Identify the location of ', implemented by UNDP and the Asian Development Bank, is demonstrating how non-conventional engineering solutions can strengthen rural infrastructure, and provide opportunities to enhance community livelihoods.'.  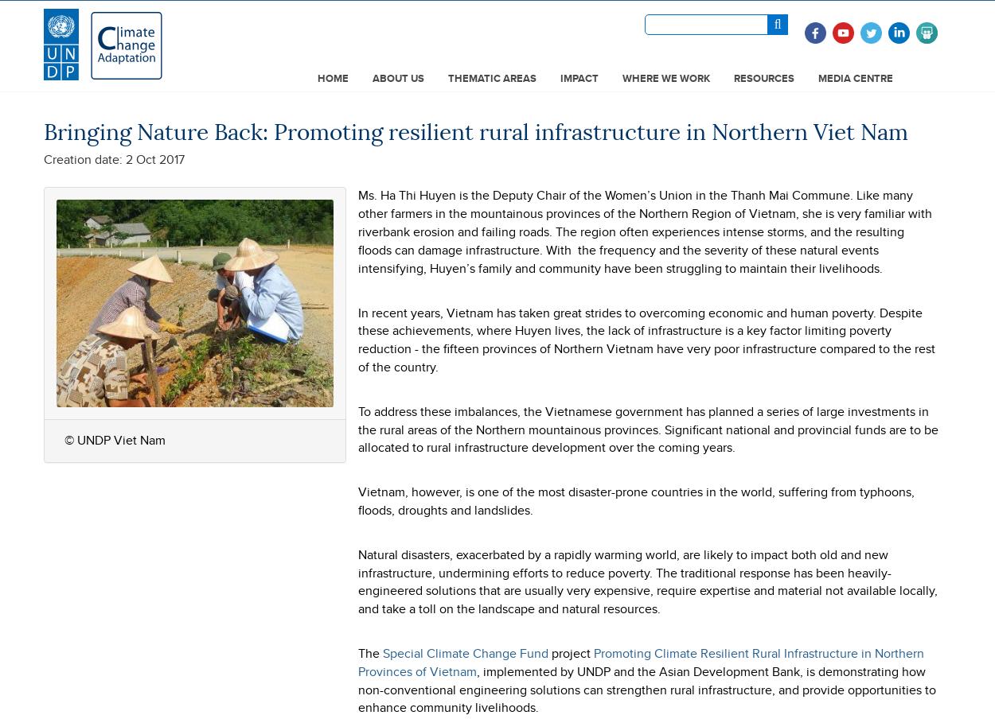
(646, 689).